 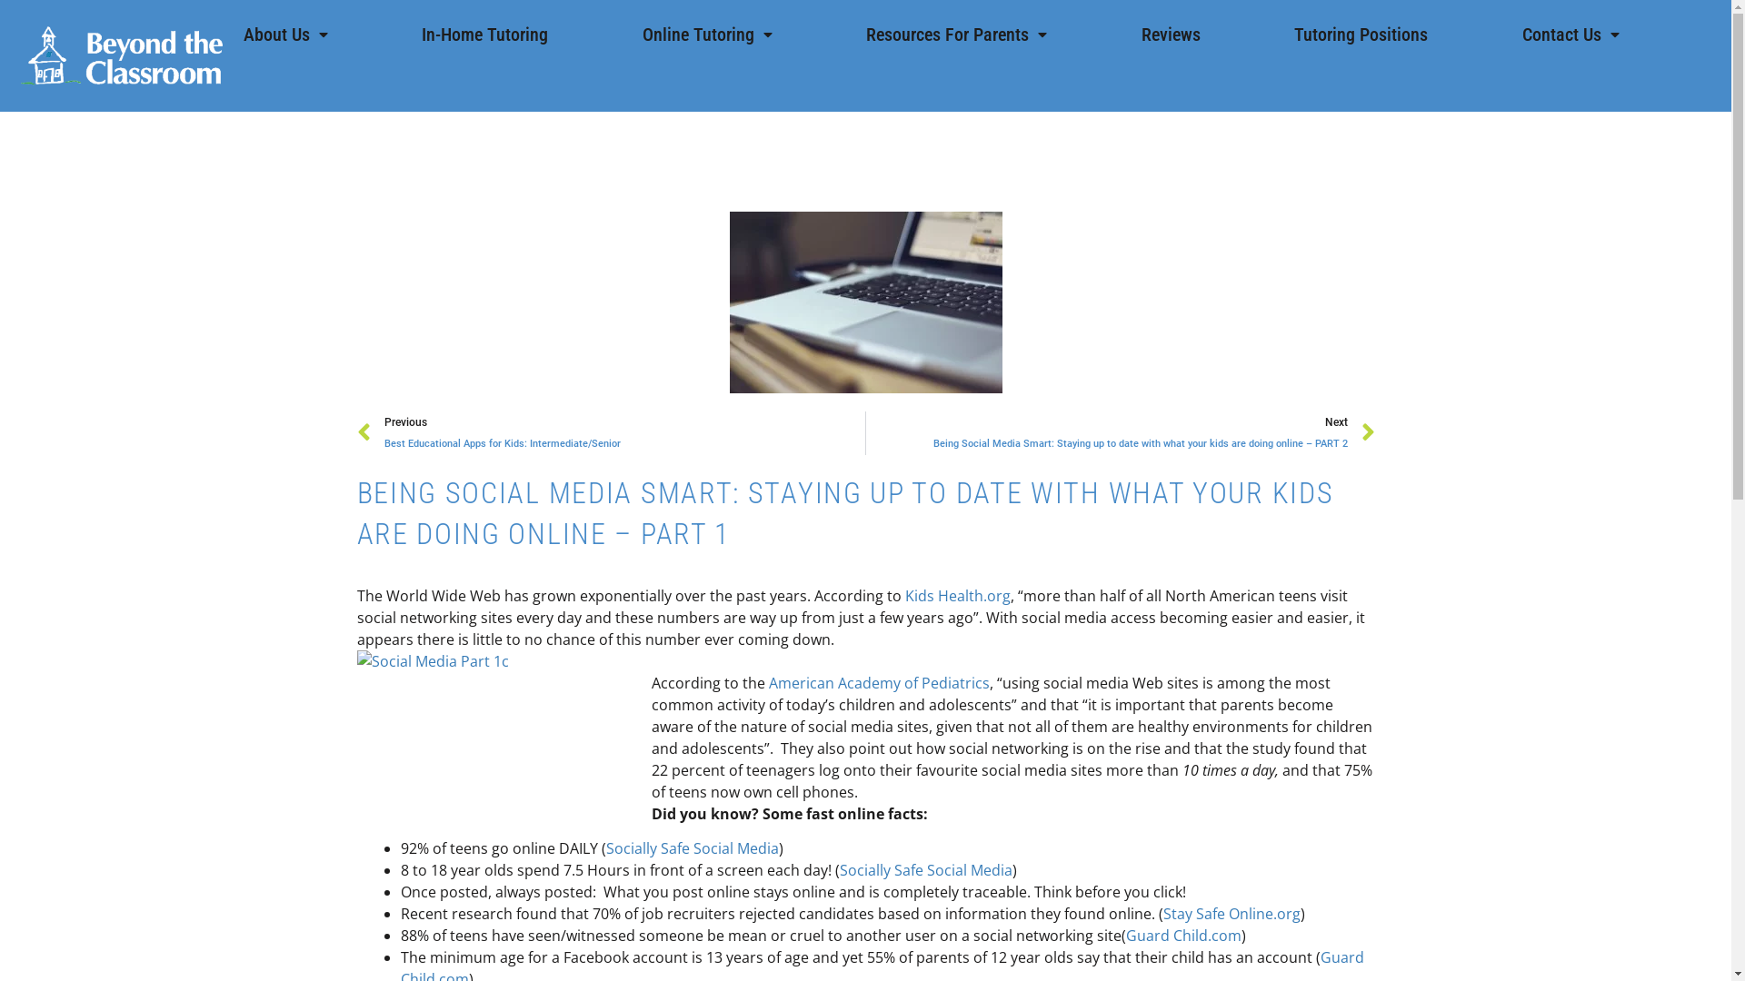 What do you see at coordinates (925, 868) in the screenshot?
I see `'Socially Safe Social Media'` at bounding box center [925, 868].